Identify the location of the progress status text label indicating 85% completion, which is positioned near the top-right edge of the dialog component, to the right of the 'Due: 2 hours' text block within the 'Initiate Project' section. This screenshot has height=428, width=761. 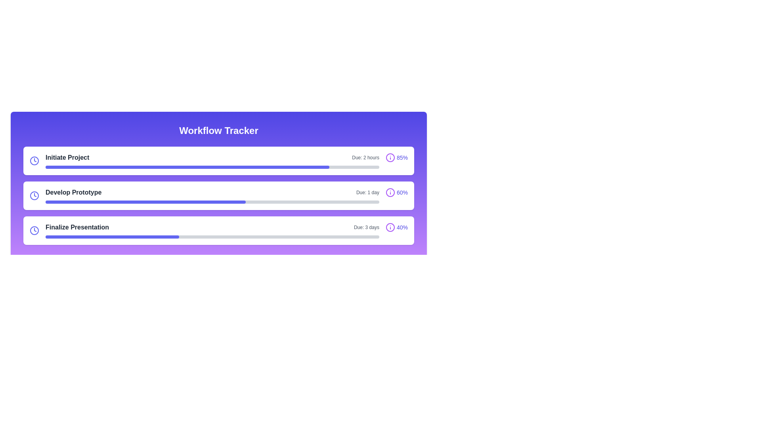
(396, 157).